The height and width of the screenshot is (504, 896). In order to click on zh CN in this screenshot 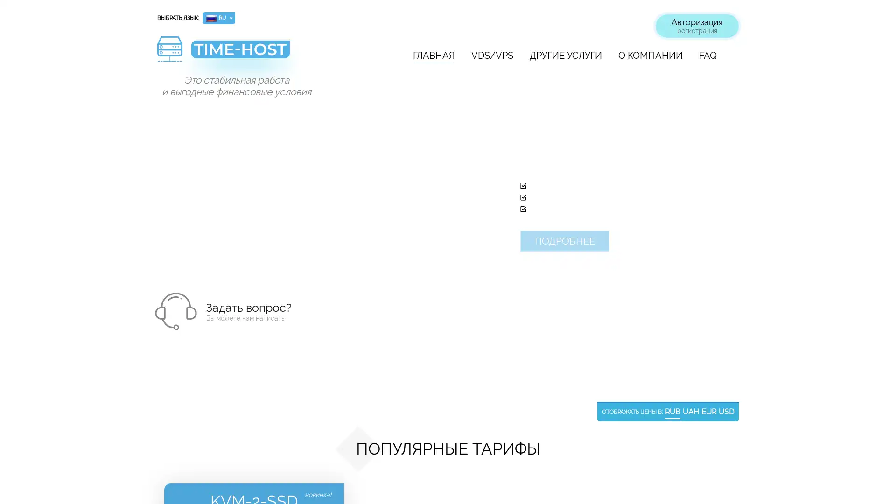, I will do `click(218, 103)`.